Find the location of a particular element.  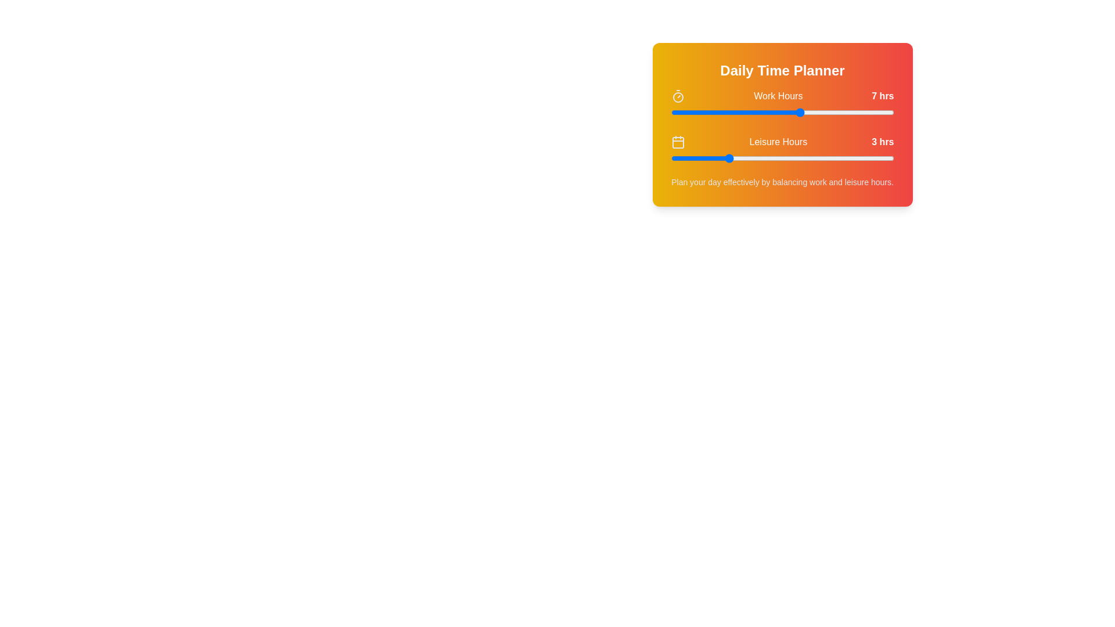

work hours is located at coordinates (857, 112).